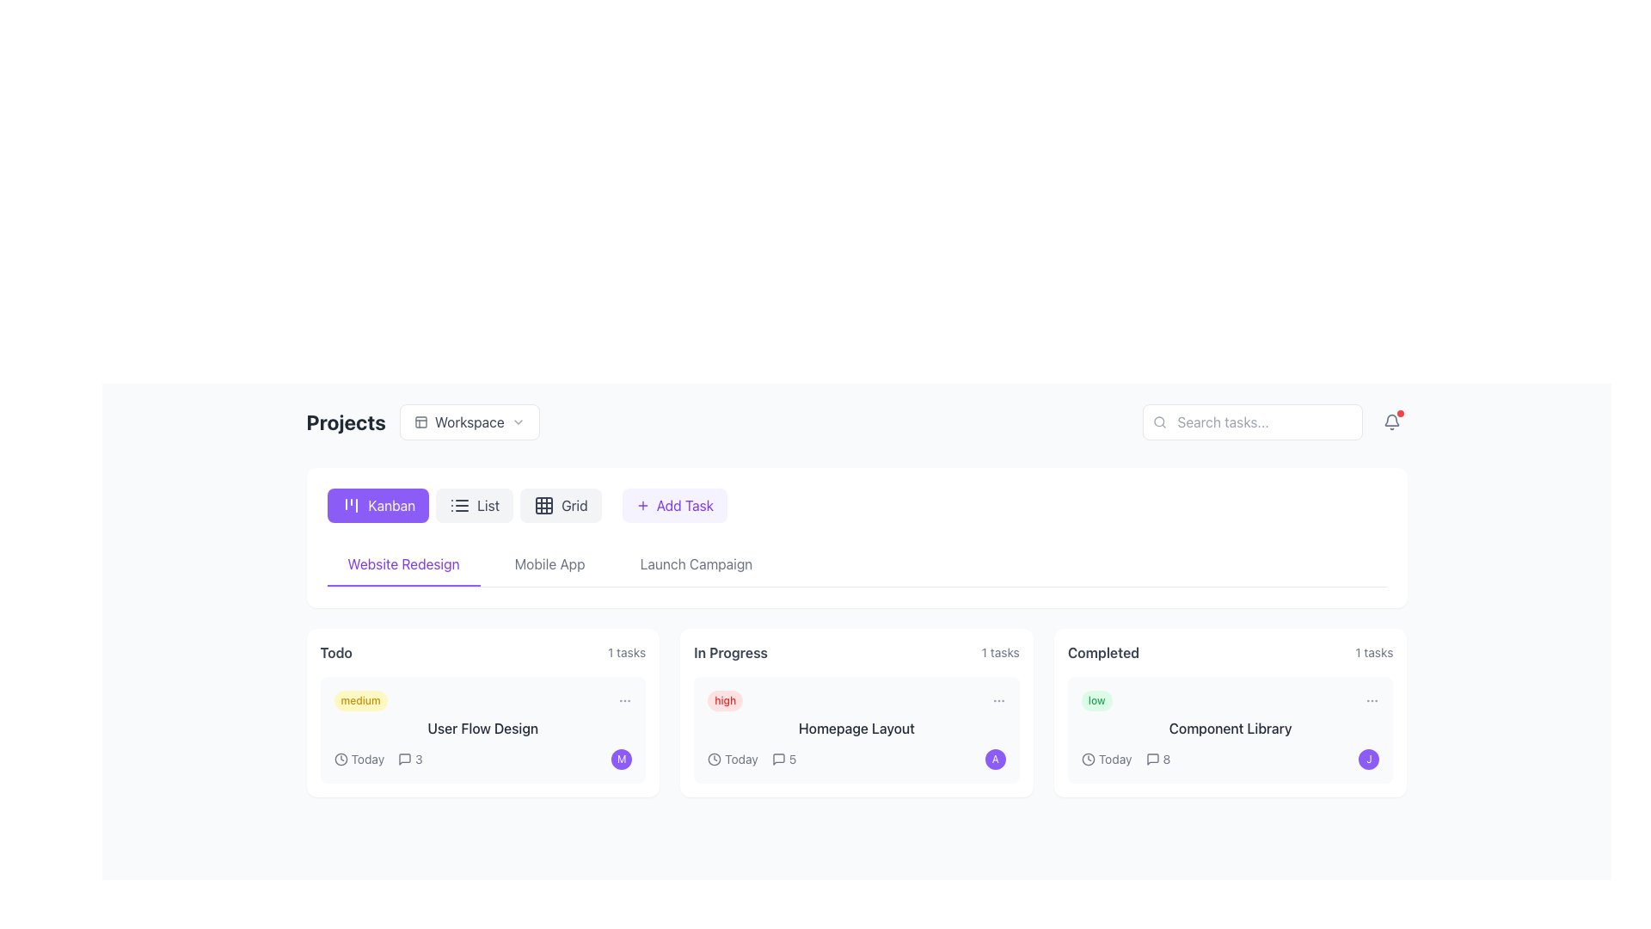  What do you see at coordinates (341, 759) in the screenshot?
I see `icon representing time or date located immediately to the left of the text 'Today' for its visual representation` at bounding box center [341, 759].